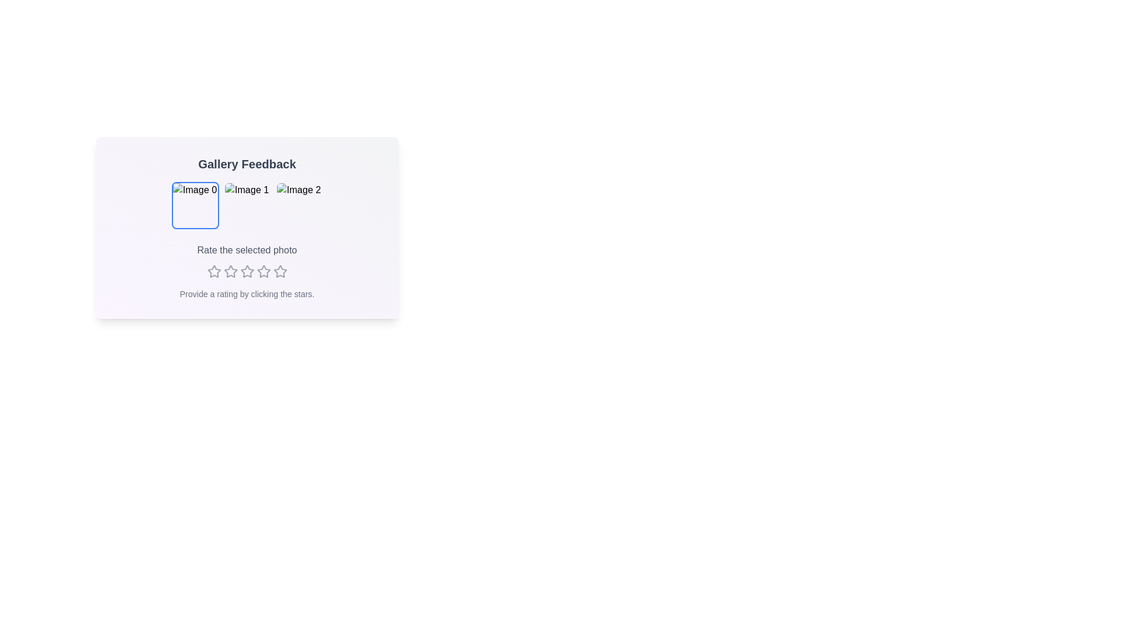  I want to click on the third star icon of the rating system, so click(263, 271).